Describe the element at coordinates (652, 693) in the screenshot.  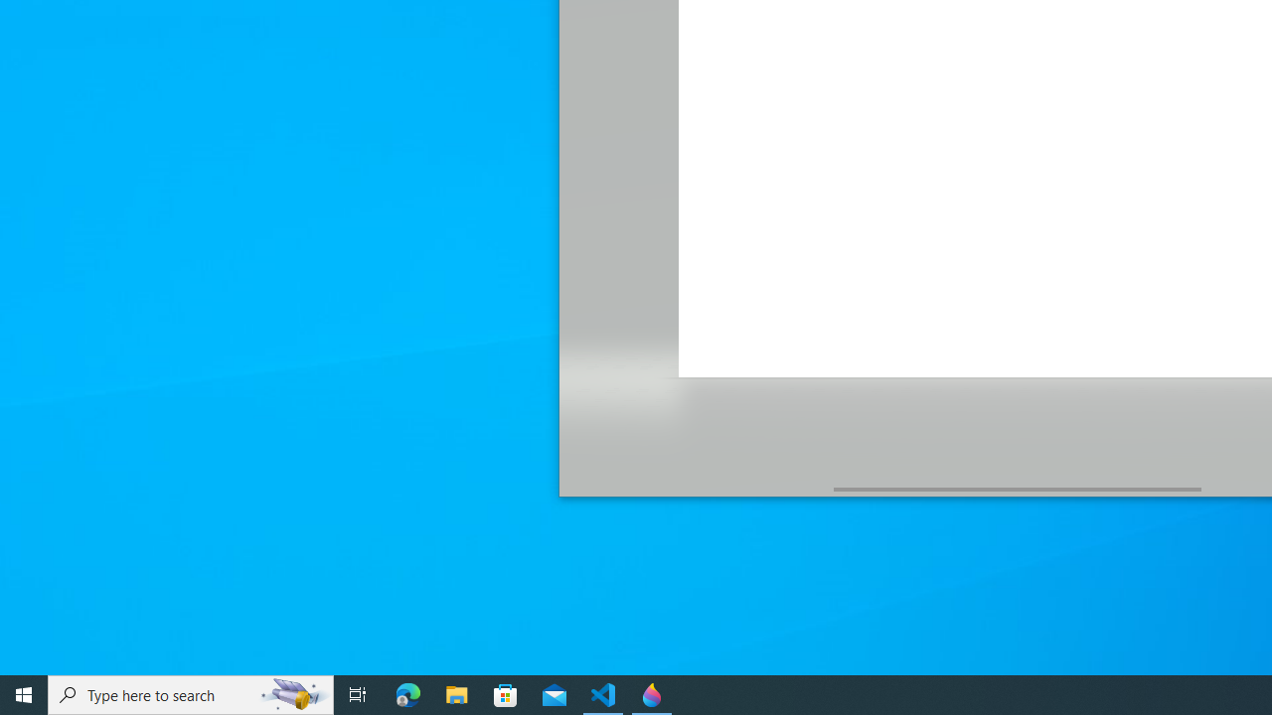
I see `'Paint 3D - 1 running window'` at that location.